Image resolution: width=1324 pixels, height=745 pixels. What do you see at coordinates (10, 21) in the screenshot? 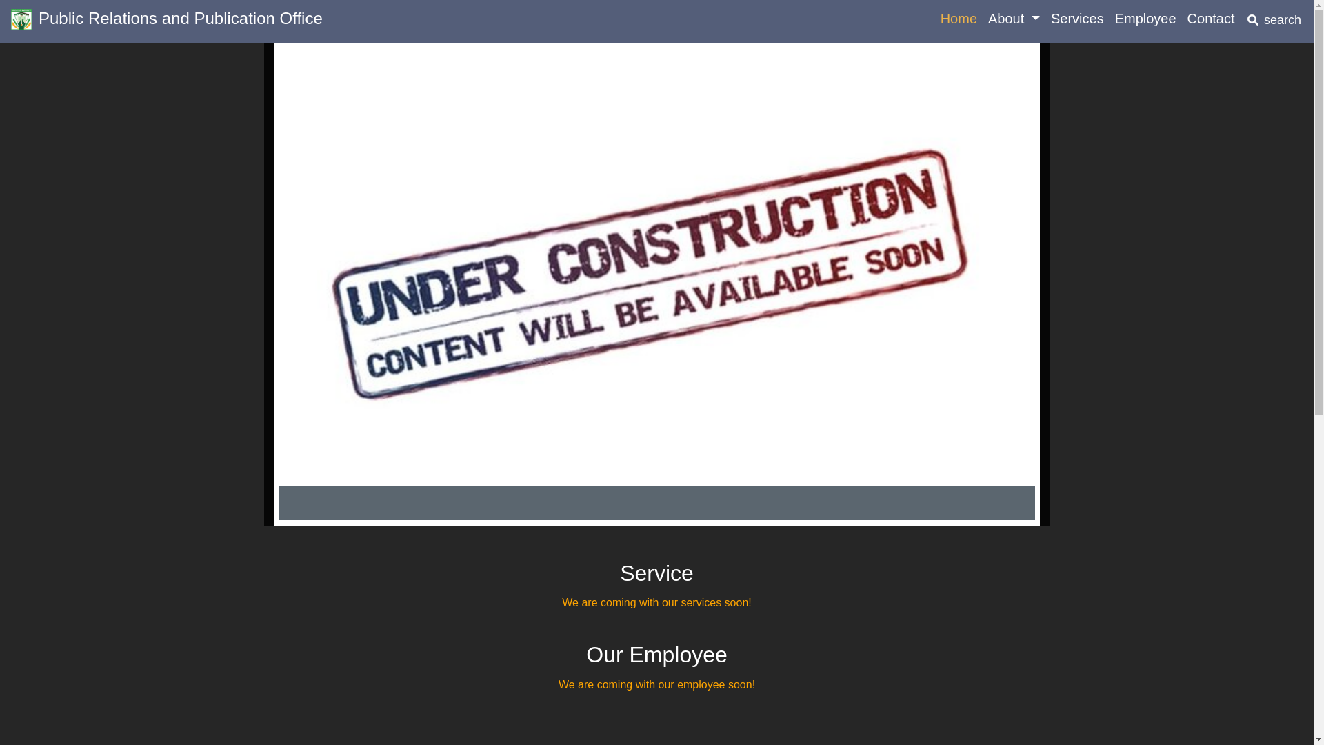
I see `'Public Relations and Publication Office'` at bounding box center [10, 21].